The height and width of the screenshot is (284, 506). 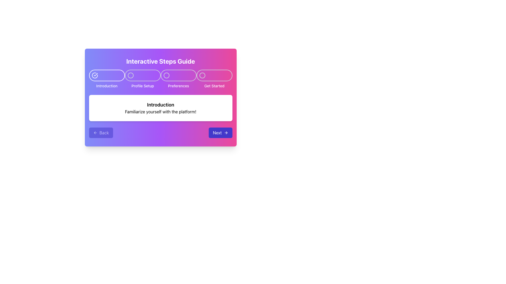 What do you see at coordinates (106, 79) in the screenshot?
I see `the Step indicator labeled 'Introduction' which features a circular icon with a white check mark above it` at bounding box center [106, 79].